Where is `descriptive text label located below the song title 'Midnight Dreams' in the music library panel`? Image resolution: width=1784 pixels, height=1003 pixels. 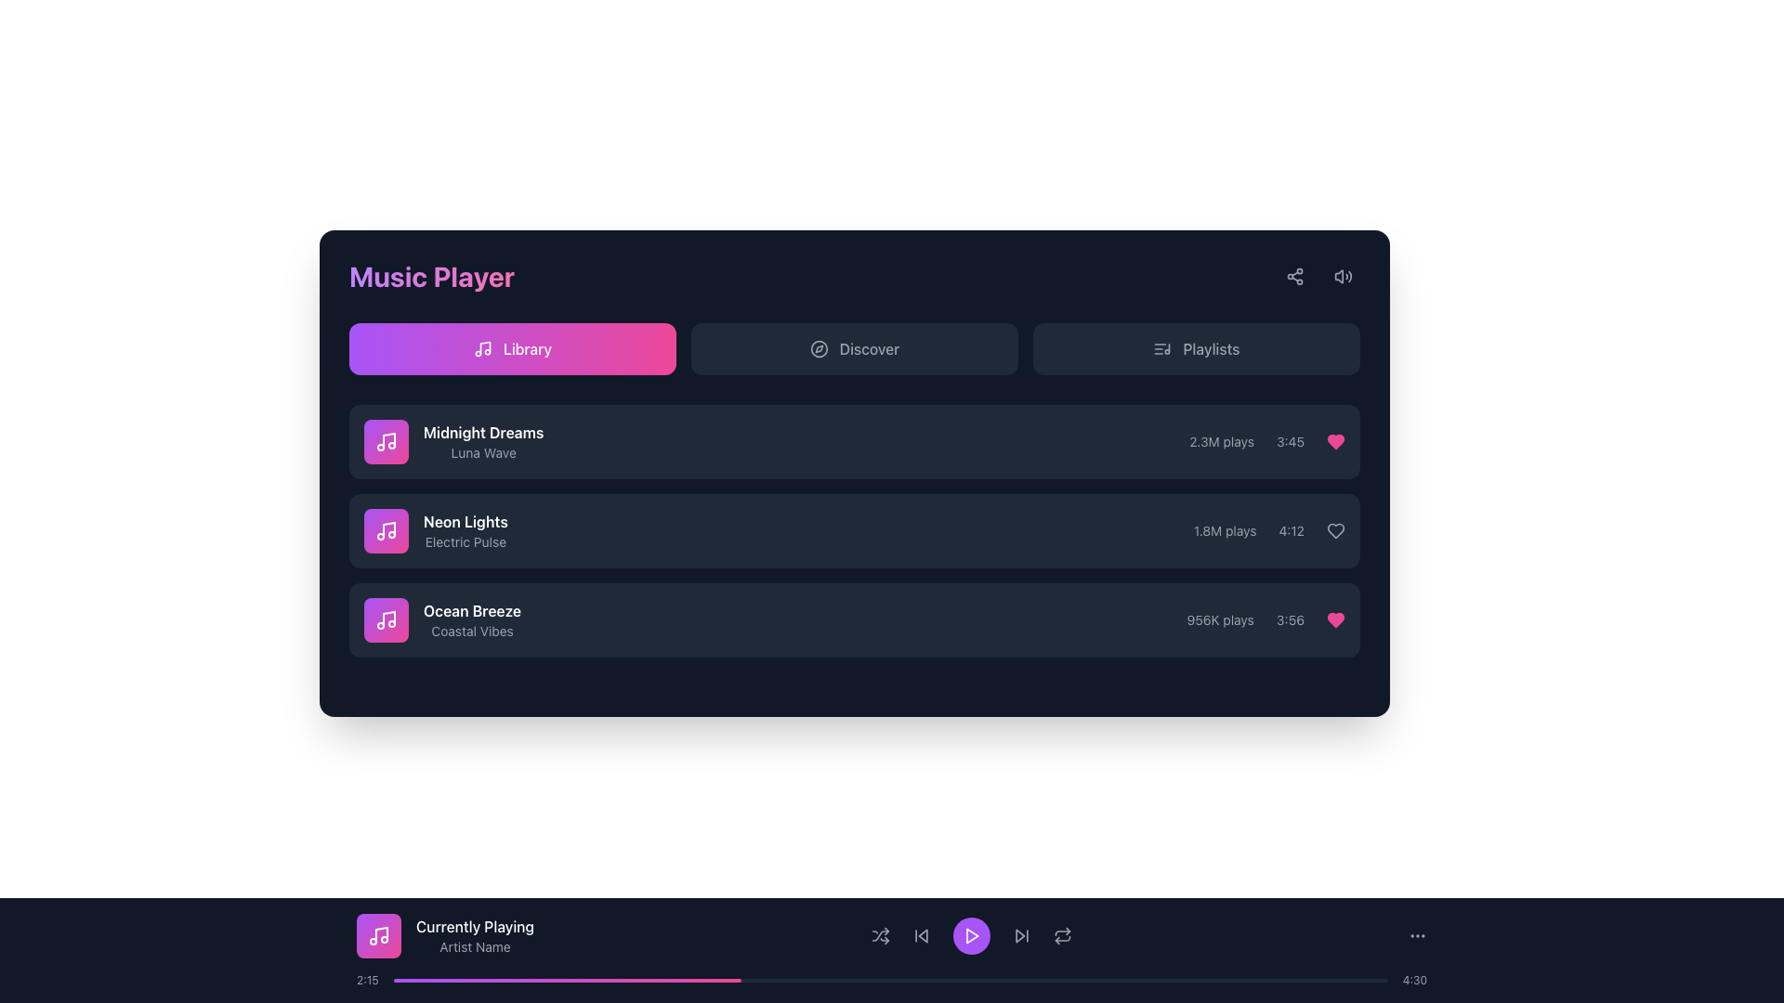
descriptive text label located below the song title 'Midnight Dreams' in the music library panel is located at coordinates (483, 453).